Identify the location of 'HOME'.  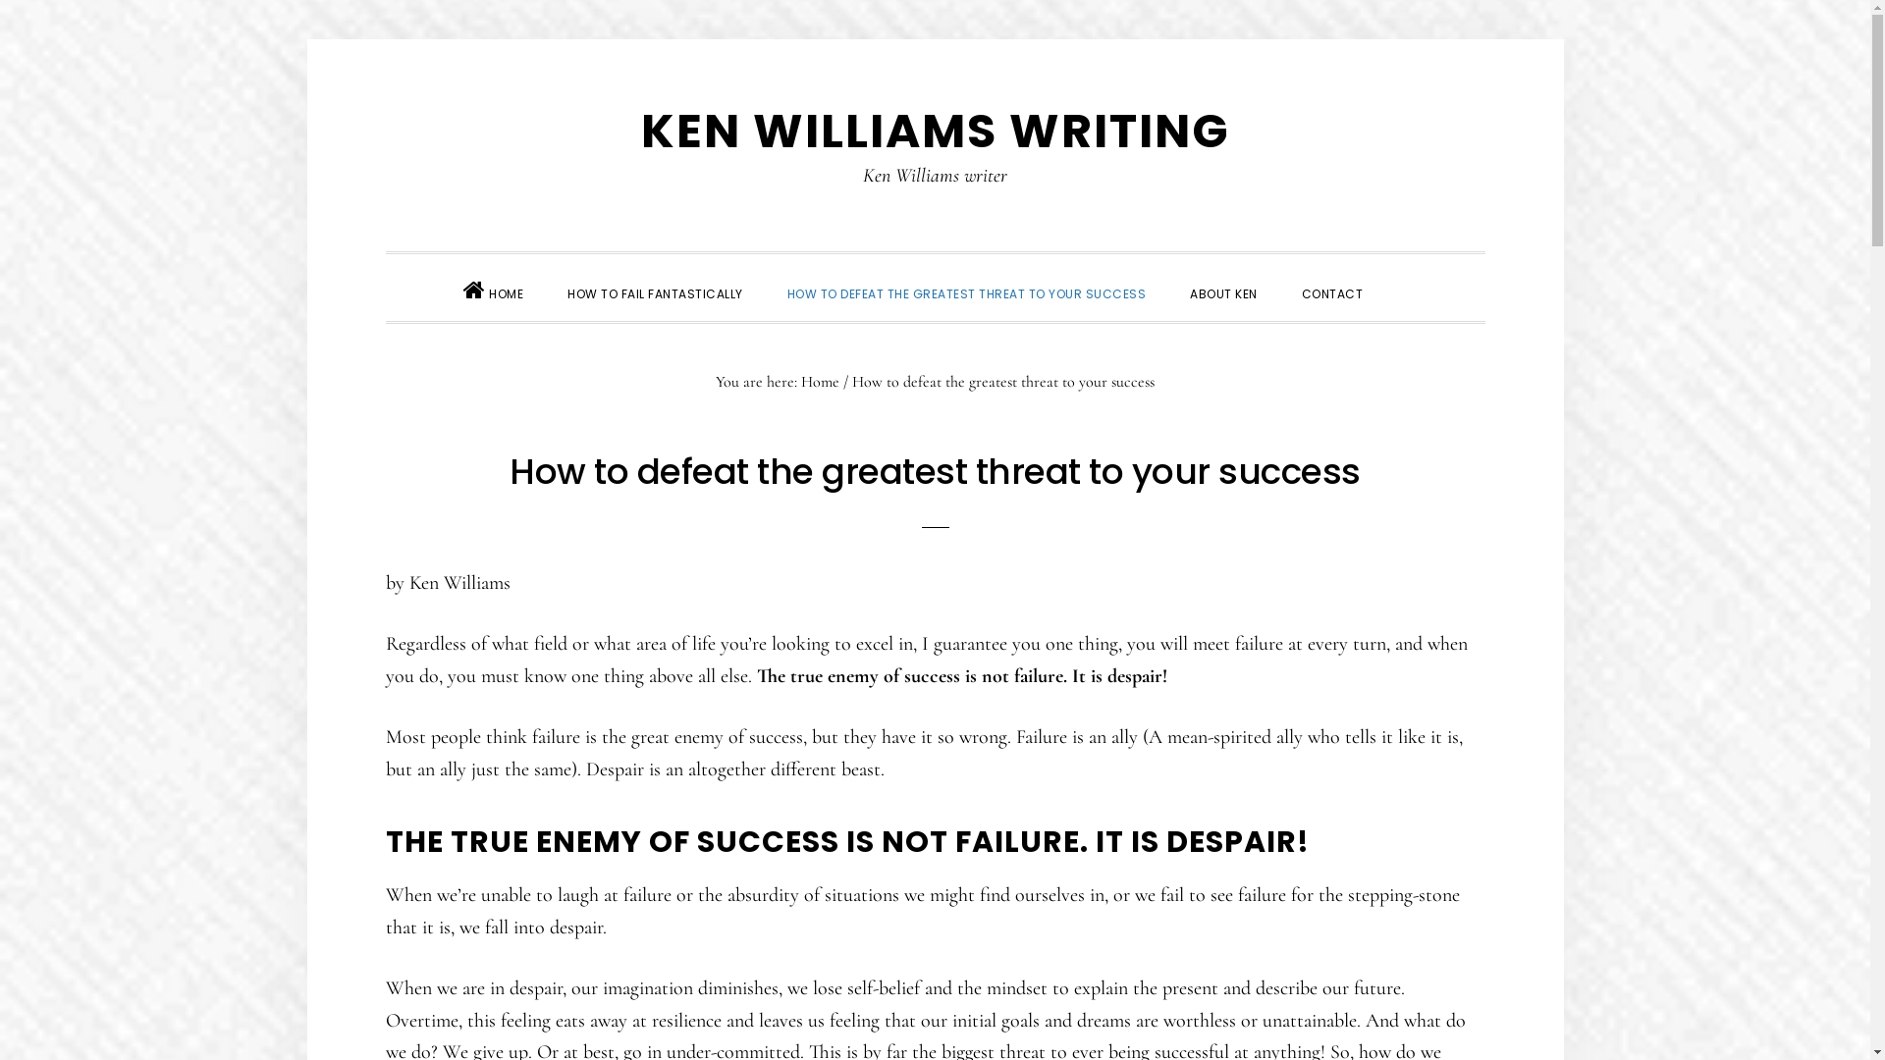
(493, 287).